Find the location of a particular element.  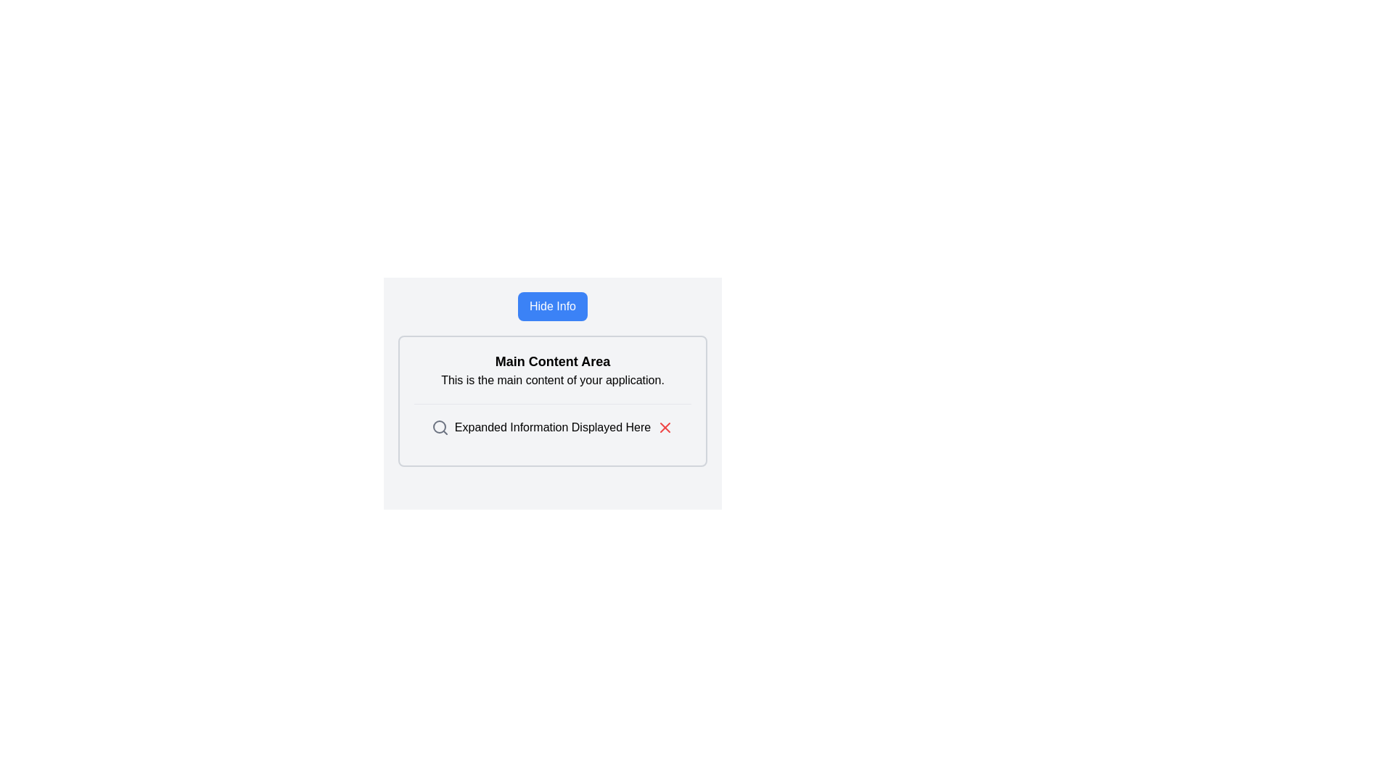

the search icon located to the left of the text 'Expanded Information Displayed Here' to initiate a detailed view is located at coordinates (439, 427).